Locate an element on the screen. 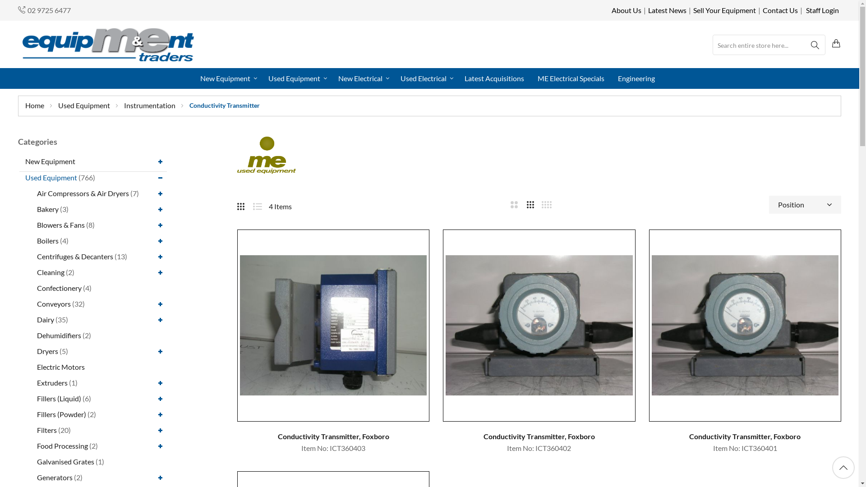 The width and height of the screenshot is (866, 487). 'Bakery' is located at coordinates (47, 209).